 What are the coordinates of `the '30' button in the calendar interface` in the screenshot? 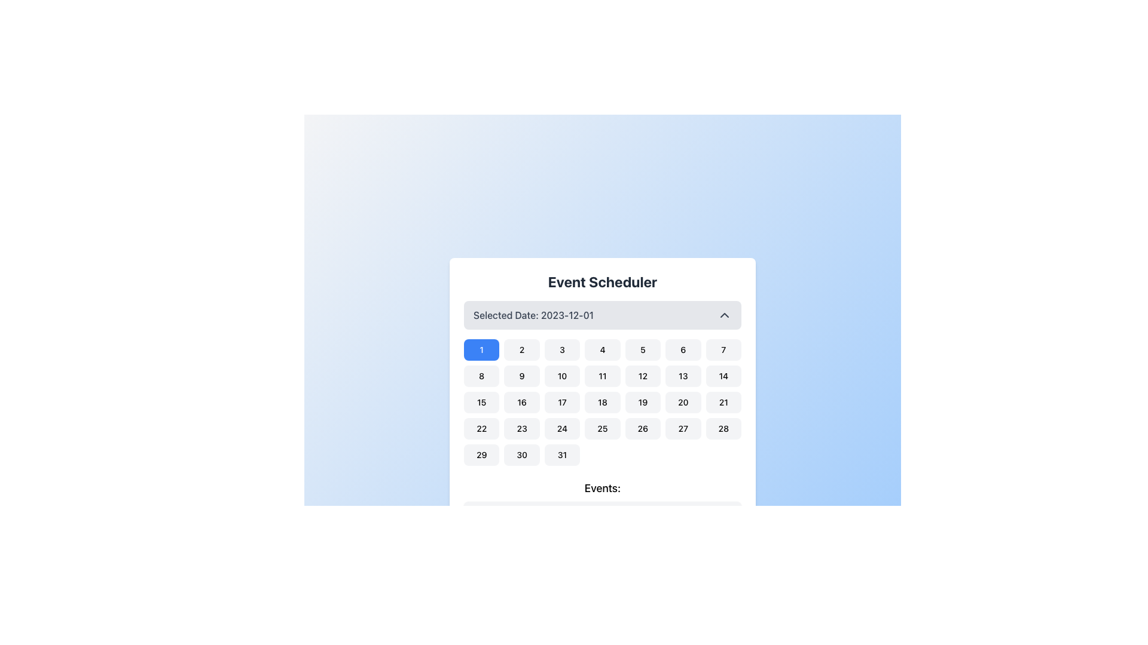 It's located at (522, 455).